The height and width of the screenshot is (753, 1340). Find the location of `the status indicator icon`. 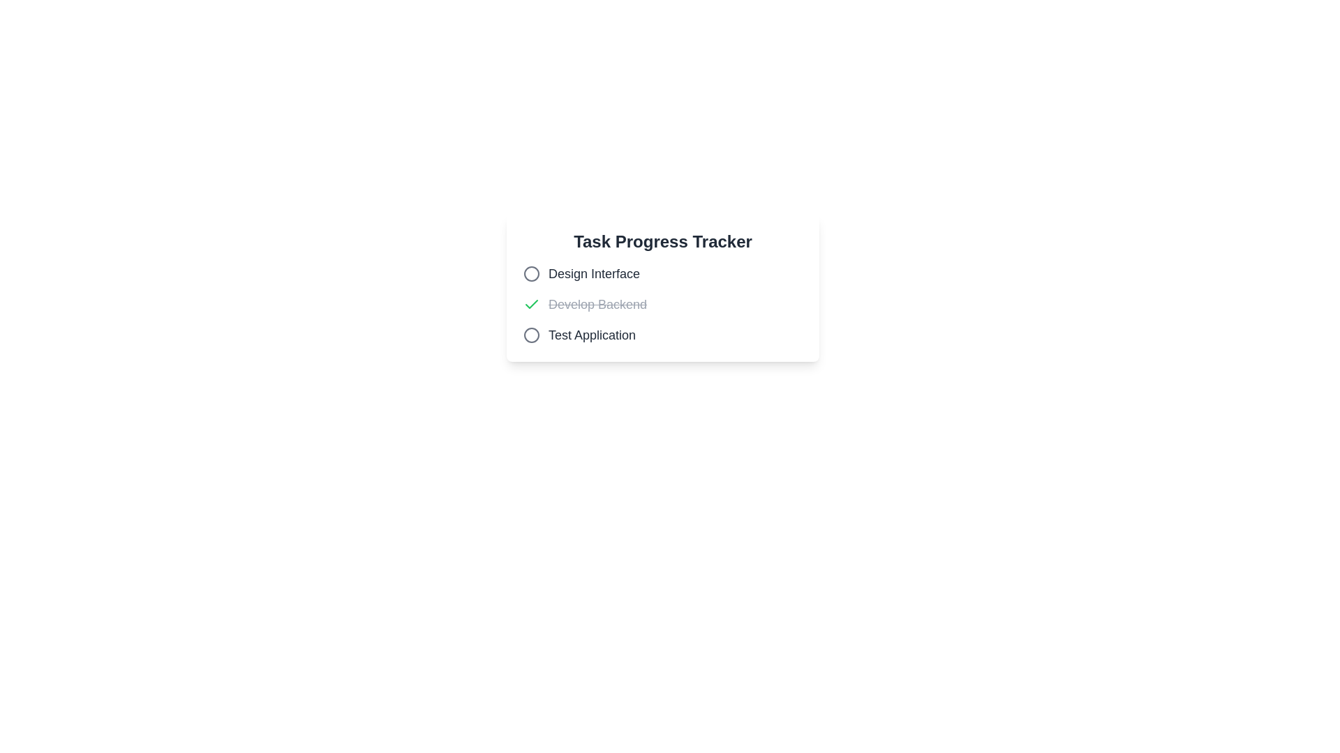

the status indicator icon is located at coordinates (531, 335).